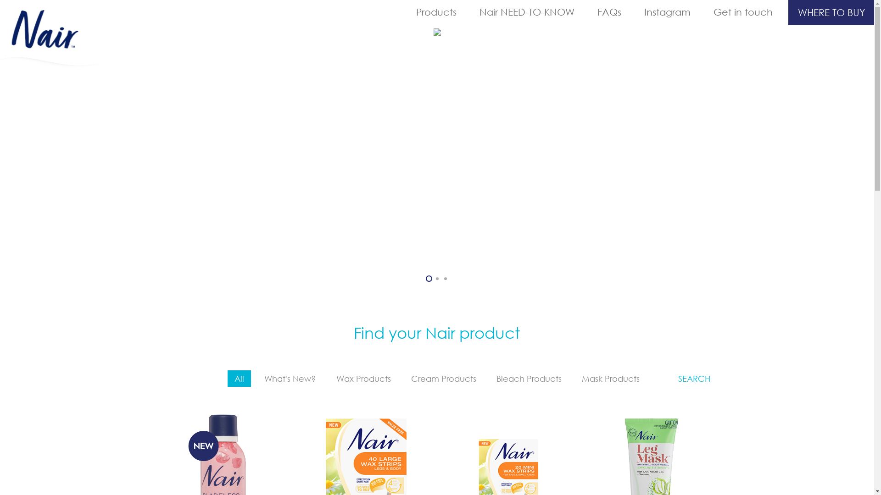 This screenshot has height=495, width=881. I want to click on 'SEARCH', so click(694, 378).